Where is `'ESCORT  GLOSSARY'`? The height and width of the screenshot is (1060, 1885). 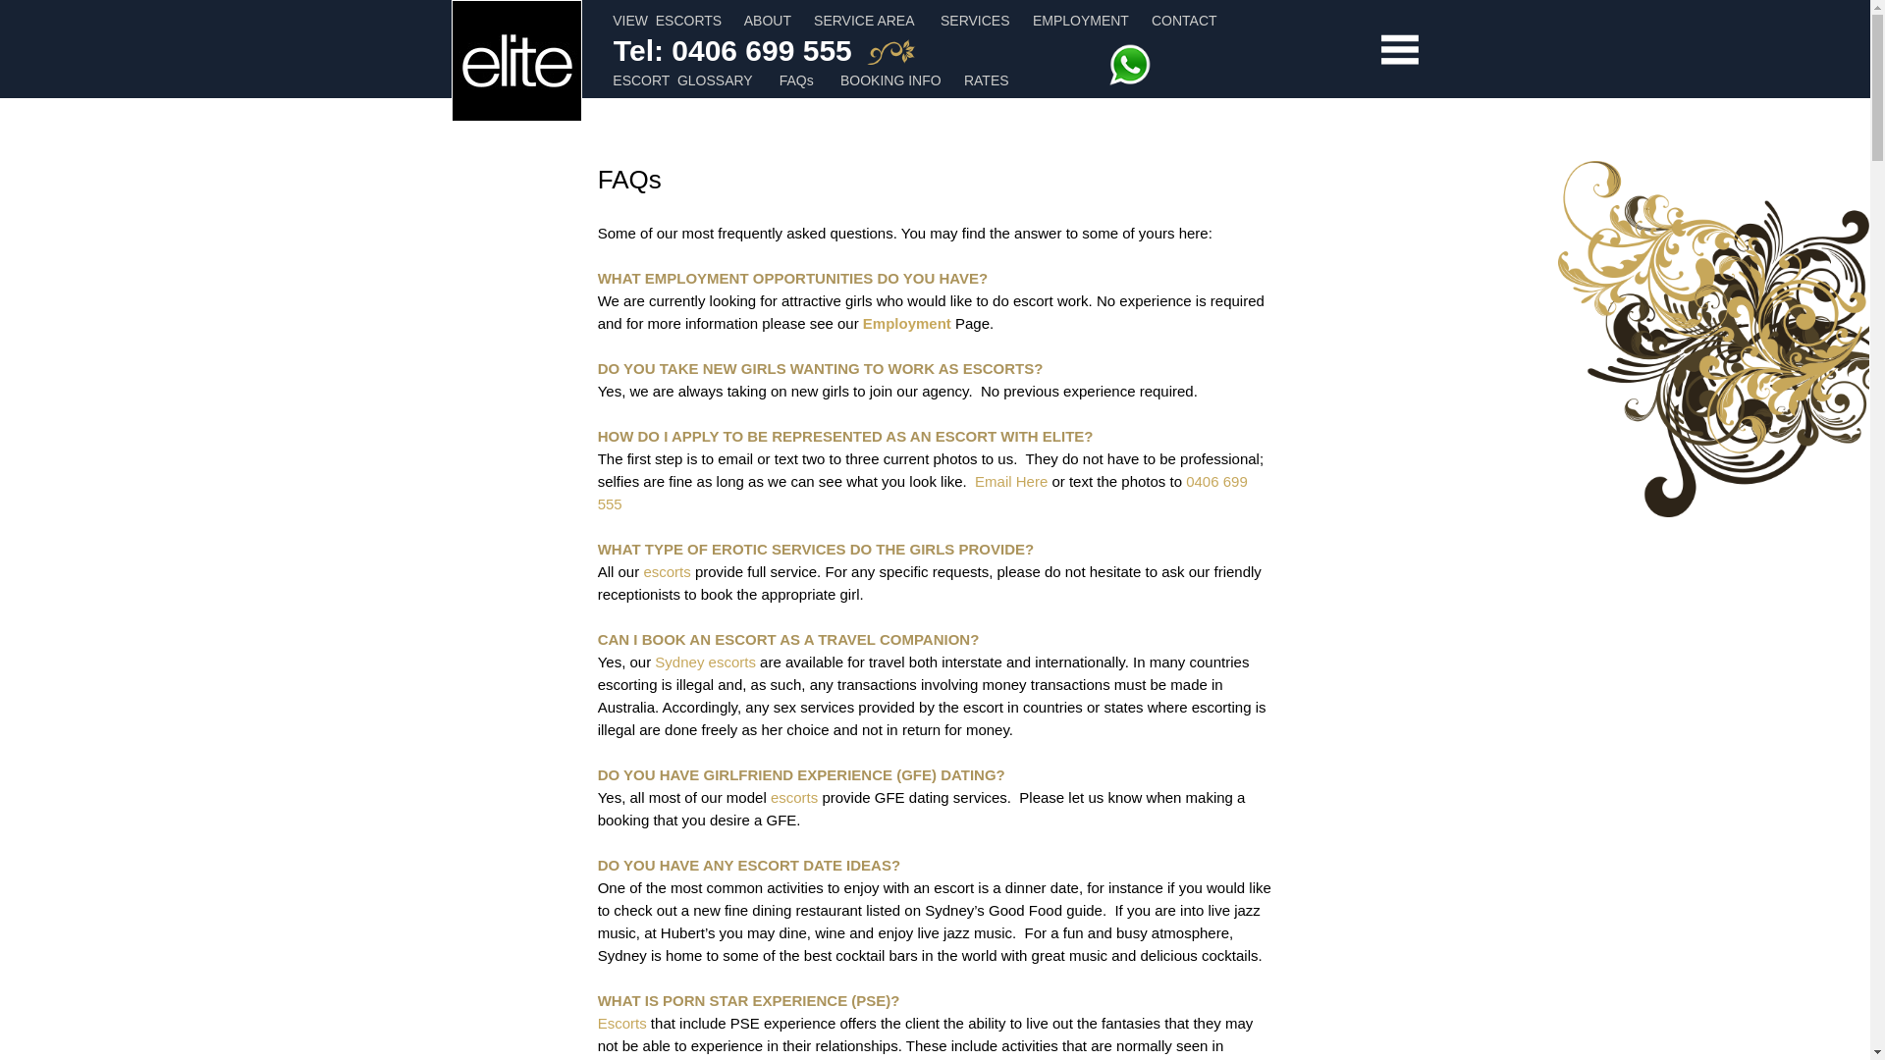
'ESCORT  GLOSSARY' is located at coordinates (612, 79).